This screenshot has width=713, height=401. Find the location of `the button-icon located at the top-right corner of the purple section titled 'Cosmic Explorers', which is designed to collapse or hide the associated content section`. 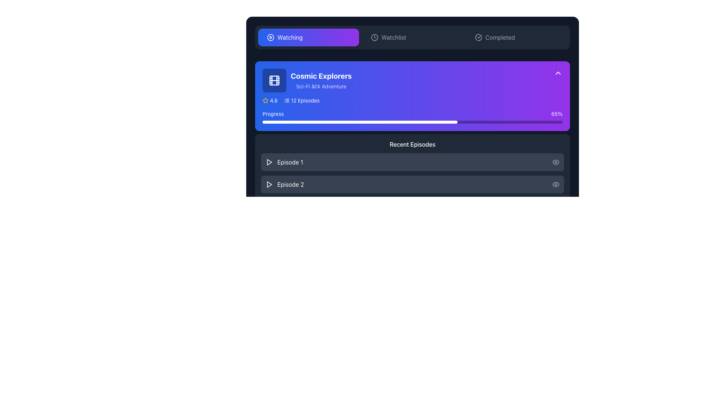

the button-icon located at the top-right corner of the purple section titled 'Cosmic Explorers', which is designed to collapse or hide the associated content section is located at coordinates (558, 73).